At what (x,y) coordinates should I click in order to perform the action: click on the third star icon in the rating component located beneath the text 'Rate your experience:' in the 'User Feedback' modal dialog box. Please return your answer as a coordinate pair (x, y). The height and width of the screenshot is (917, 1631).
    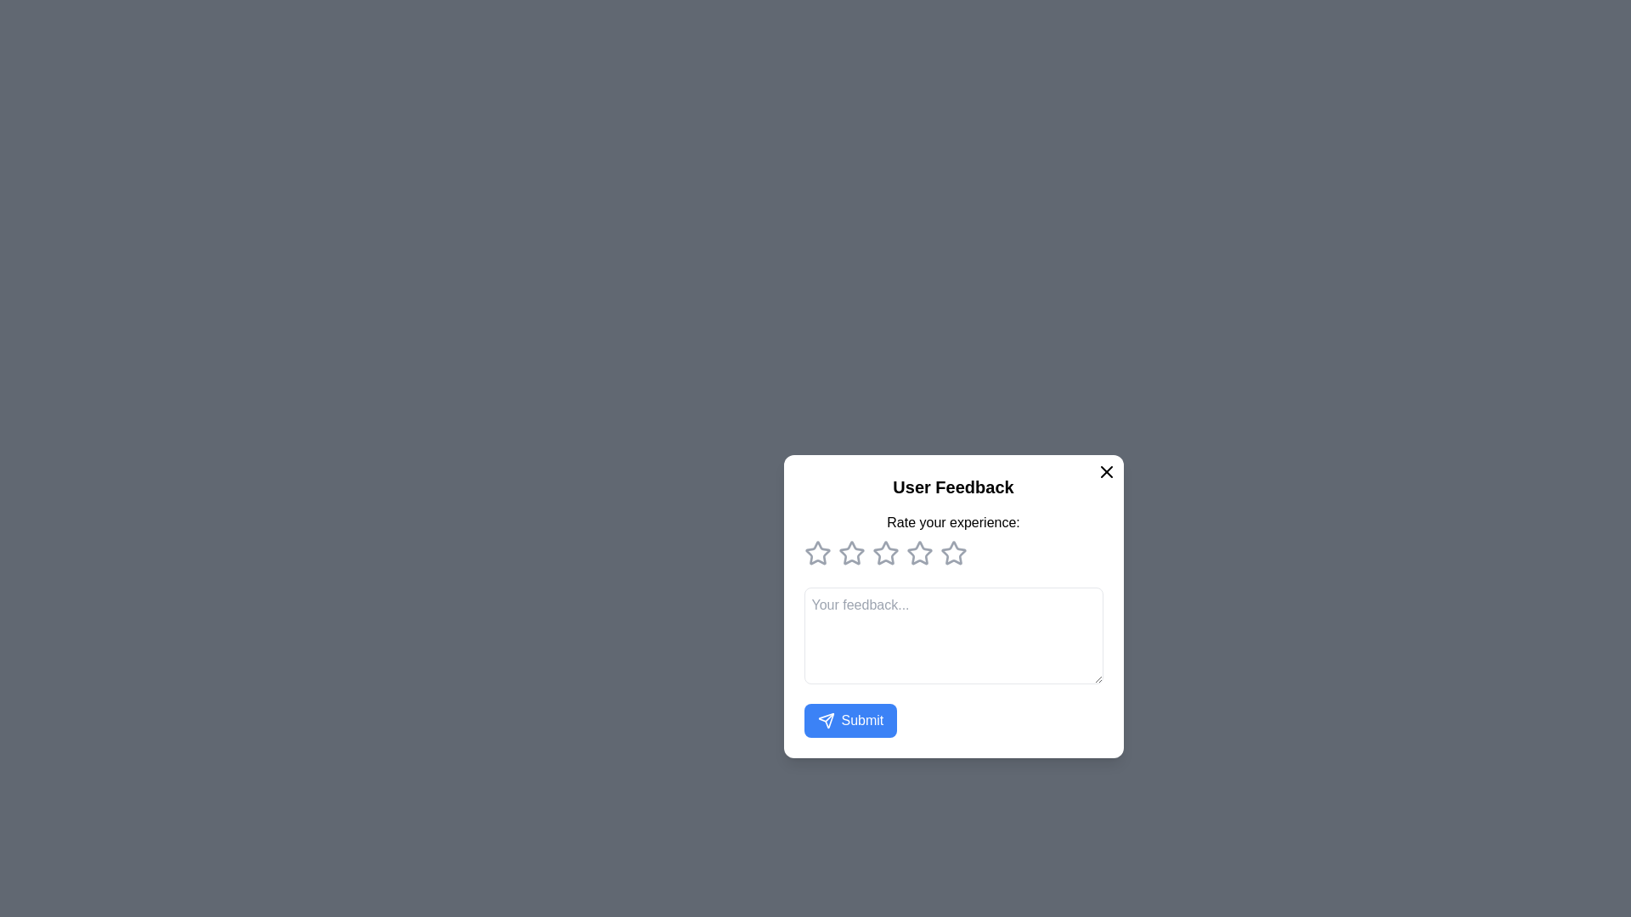
    Looking at the image, I should click on (884, 553).